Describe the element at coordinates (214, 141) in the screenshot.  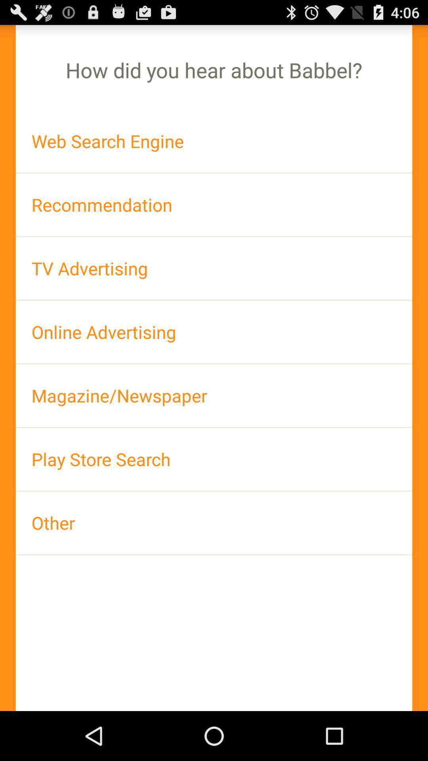
I see `the web search engine app` at that location.